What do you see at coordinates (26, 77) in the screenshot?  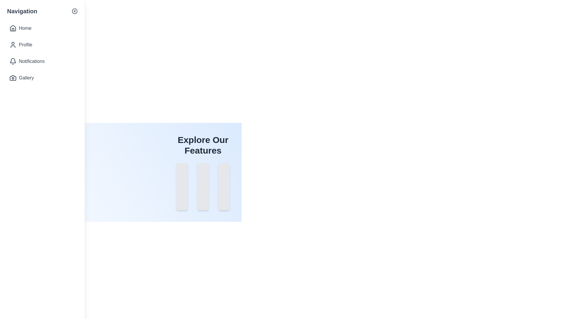 I see `the 'Gallery' text label in the vertical navigation menu, which is styled in dark gray and positioned next to a camera icon` at bounding box center [26, 77].